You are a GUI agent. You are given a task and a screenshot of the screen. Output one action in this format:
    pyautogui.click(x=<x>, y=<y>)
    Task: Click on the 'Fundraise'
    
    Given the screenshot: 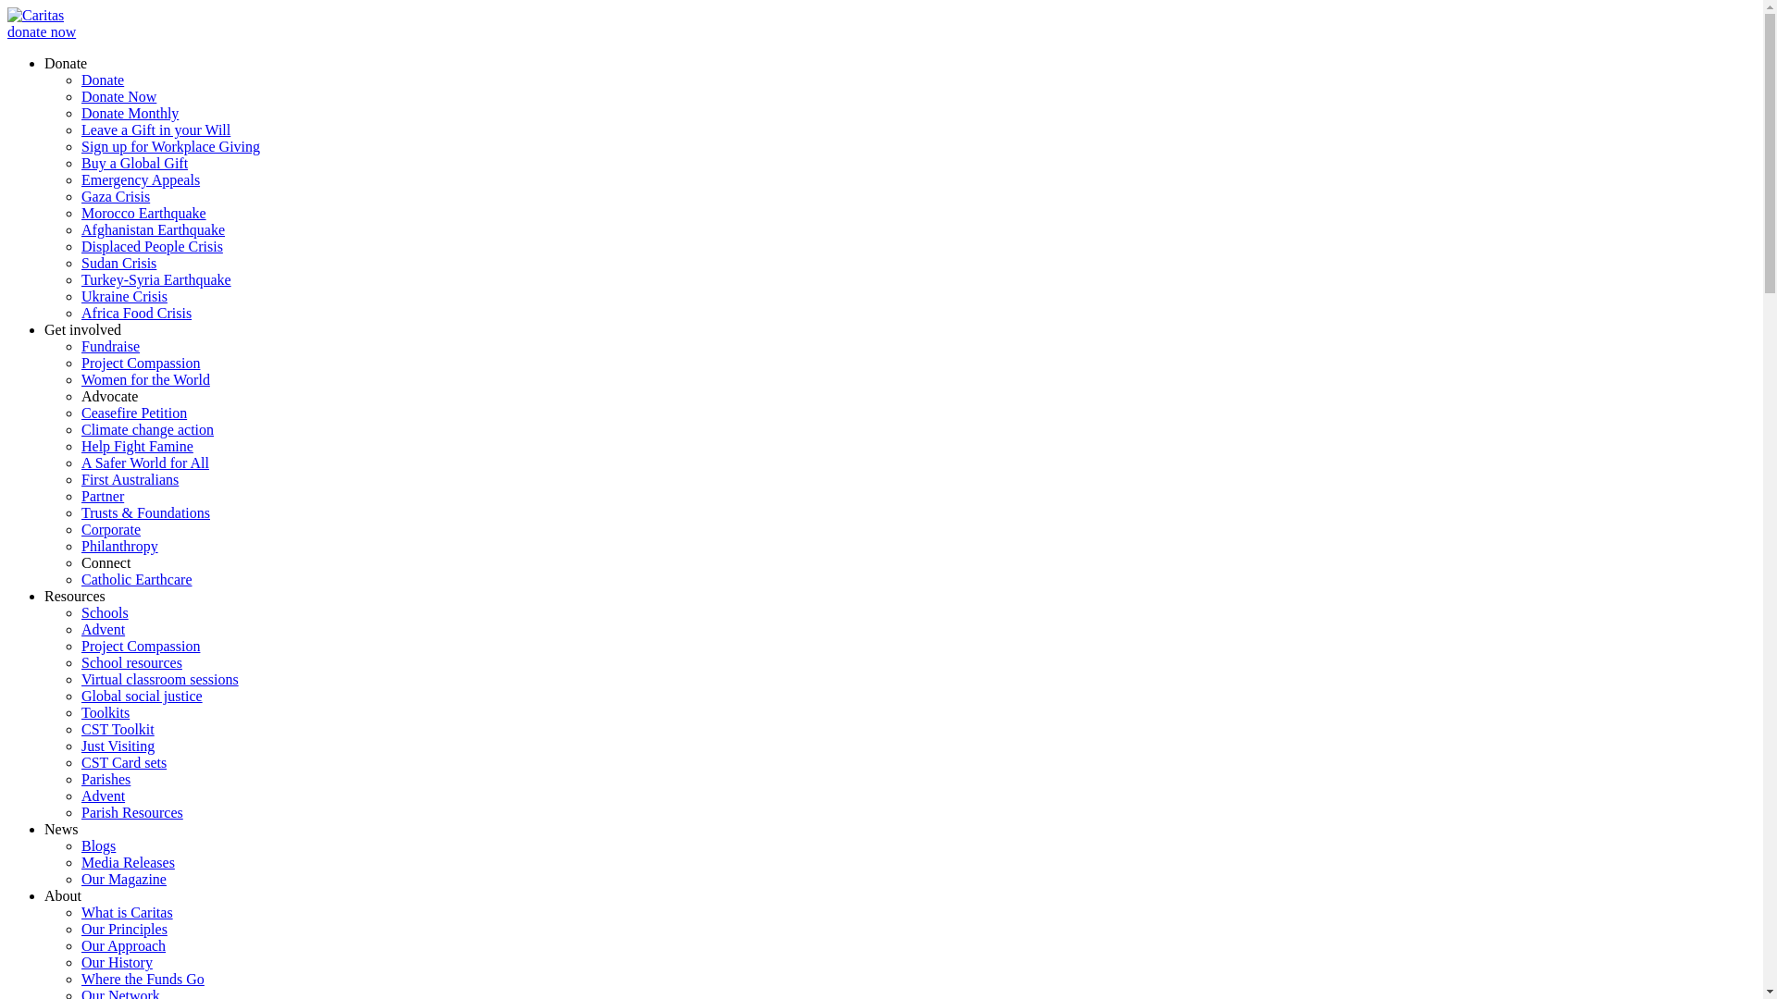 What is the action you would take?
    pyautogui.click(x=109, y=346)
    